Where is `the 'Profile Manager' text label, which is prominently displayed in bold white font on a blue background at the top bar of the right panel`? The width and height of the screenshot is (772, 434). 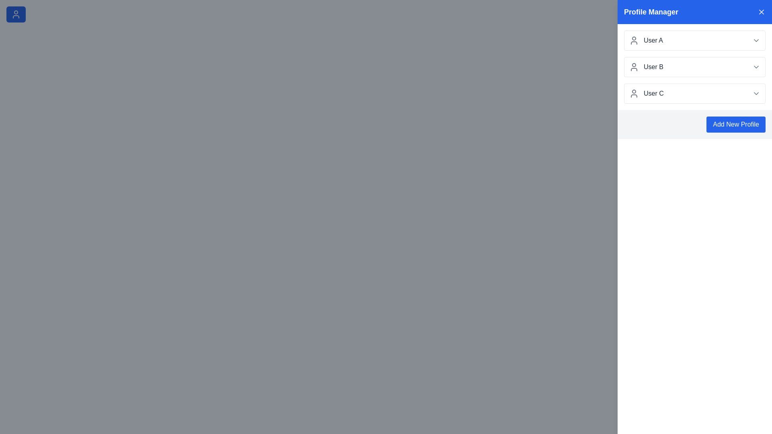 the 'Profile Manager' text label, which is prominently displayed in bold white font on a blue background at the top bar of the right panel is located at coordinates (651, 12).